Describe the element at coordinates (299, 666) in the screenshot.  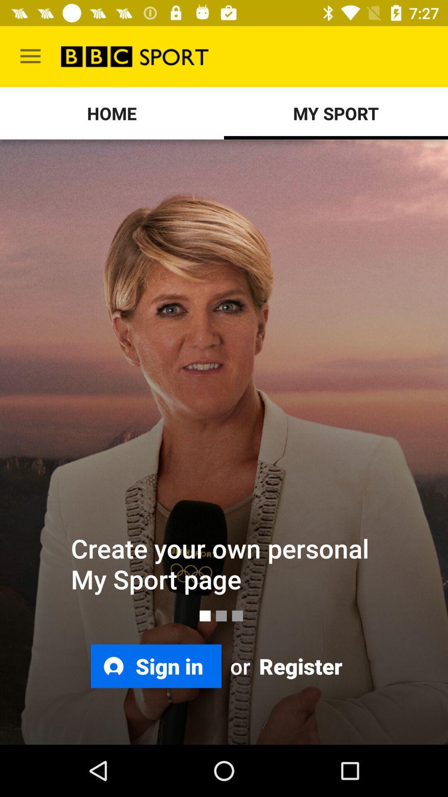
I see `the icon at the bottom right corner` at that location.